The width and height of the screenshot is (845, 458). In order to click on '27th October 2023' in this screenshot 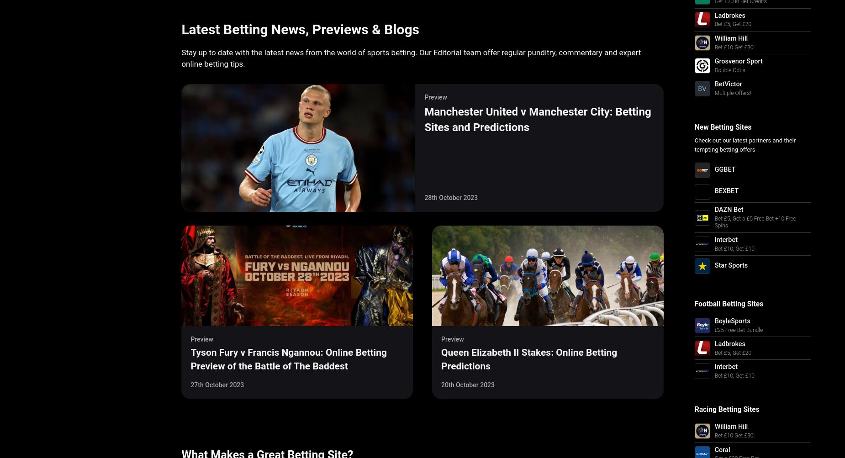, I will do `click(217, 384)`.